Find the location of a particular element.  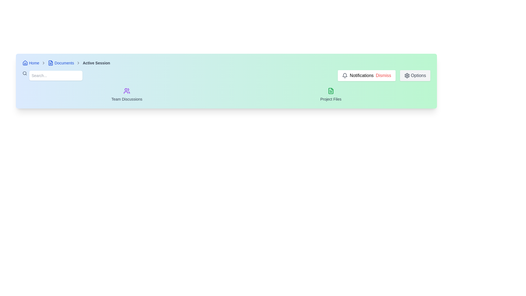

the icon serving as a visual indicator for the 'Documents' link in the navigation breadcrumb menu, located immediately to the left of the 'Documents' text link is located at coordinates (51, 63).